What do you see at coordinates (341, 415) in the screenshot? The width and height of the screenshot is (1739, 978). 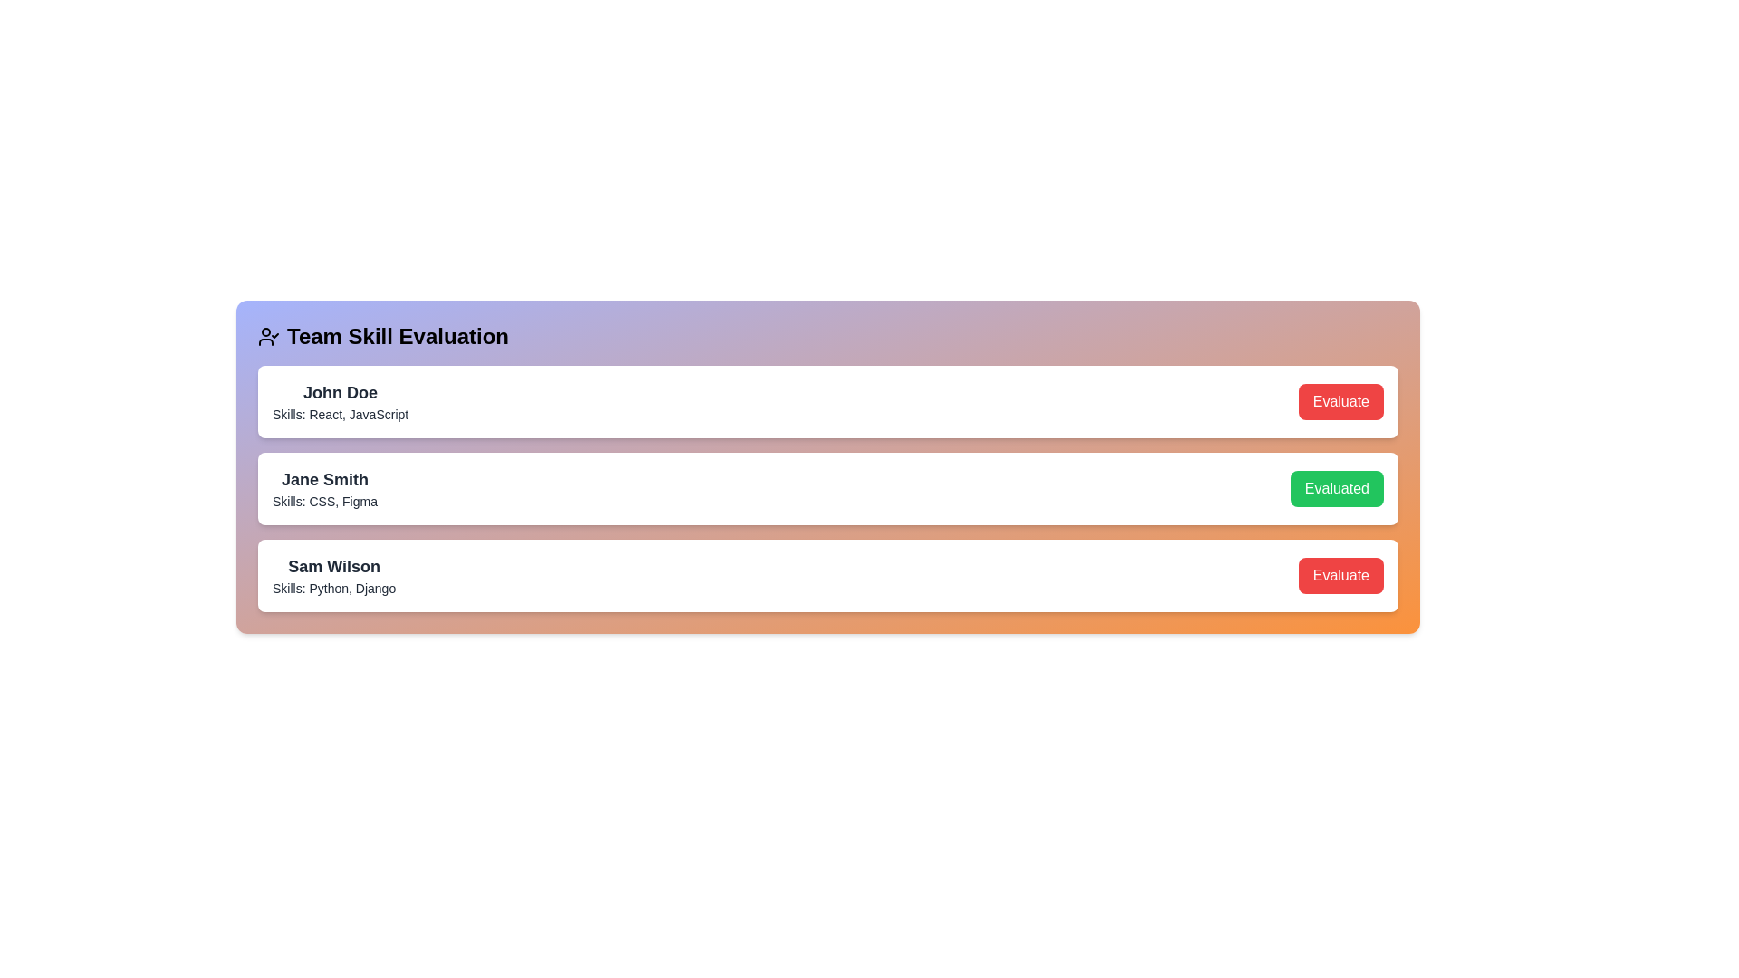 I see `the Text Label displaying 'Skills: React, JavaScript' located below 'John Doe' in the top card of the 'Team Skill Evaluation' list` at bounding box center [341, 415].